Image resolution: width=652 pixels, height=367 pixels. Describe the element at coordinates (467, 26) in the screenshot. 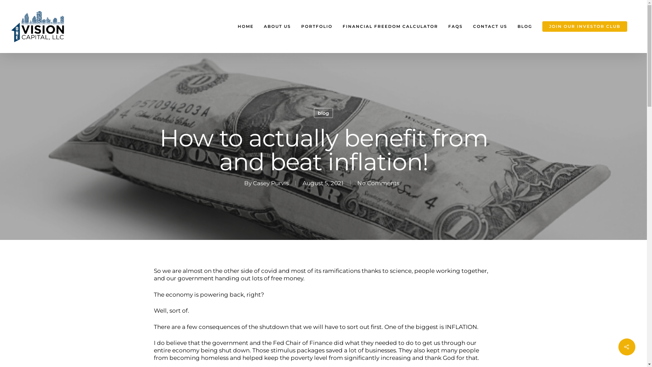

I see `'CONTACT US'` at that location.